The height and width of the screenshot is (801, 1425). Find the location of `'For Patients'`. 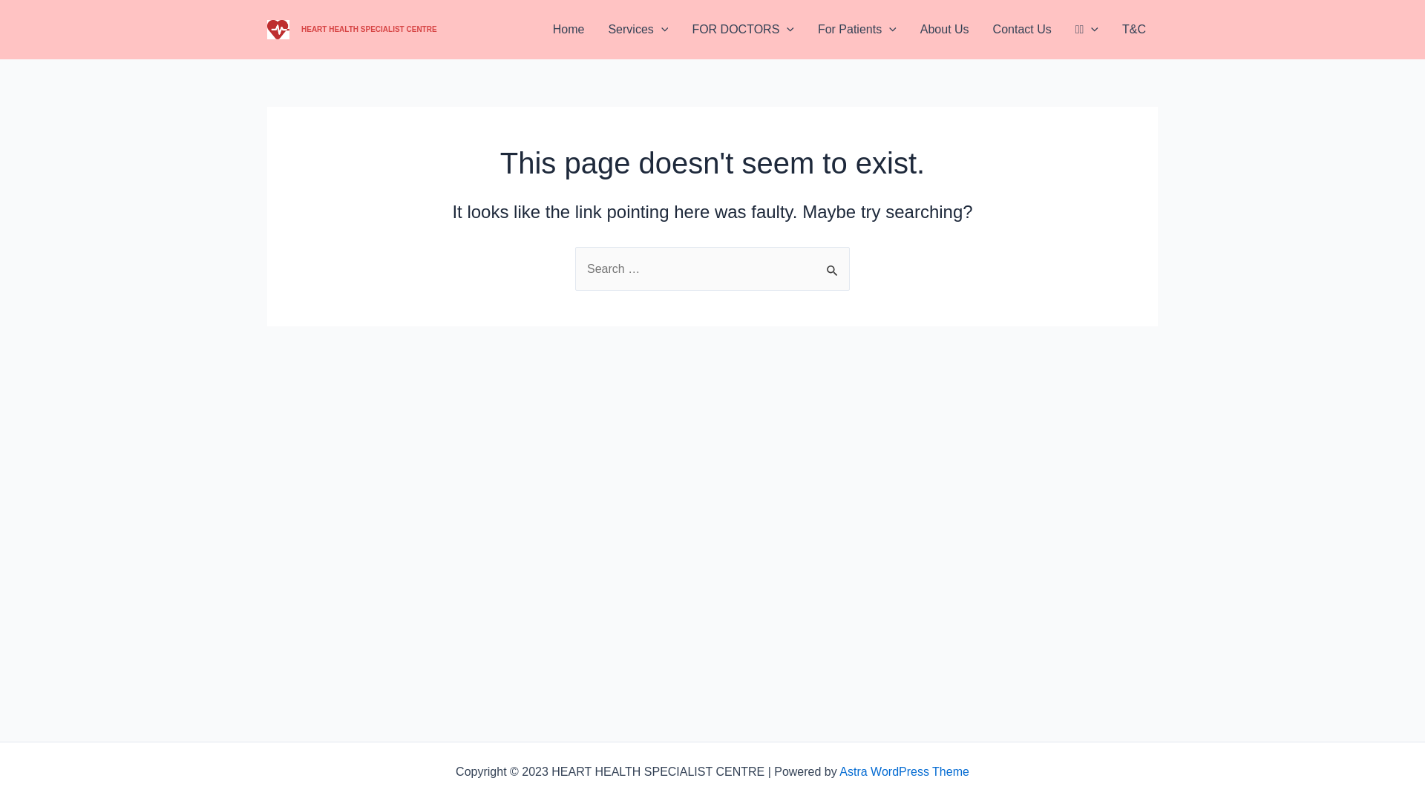

'For Patients' is located at coordinates (857, 29).